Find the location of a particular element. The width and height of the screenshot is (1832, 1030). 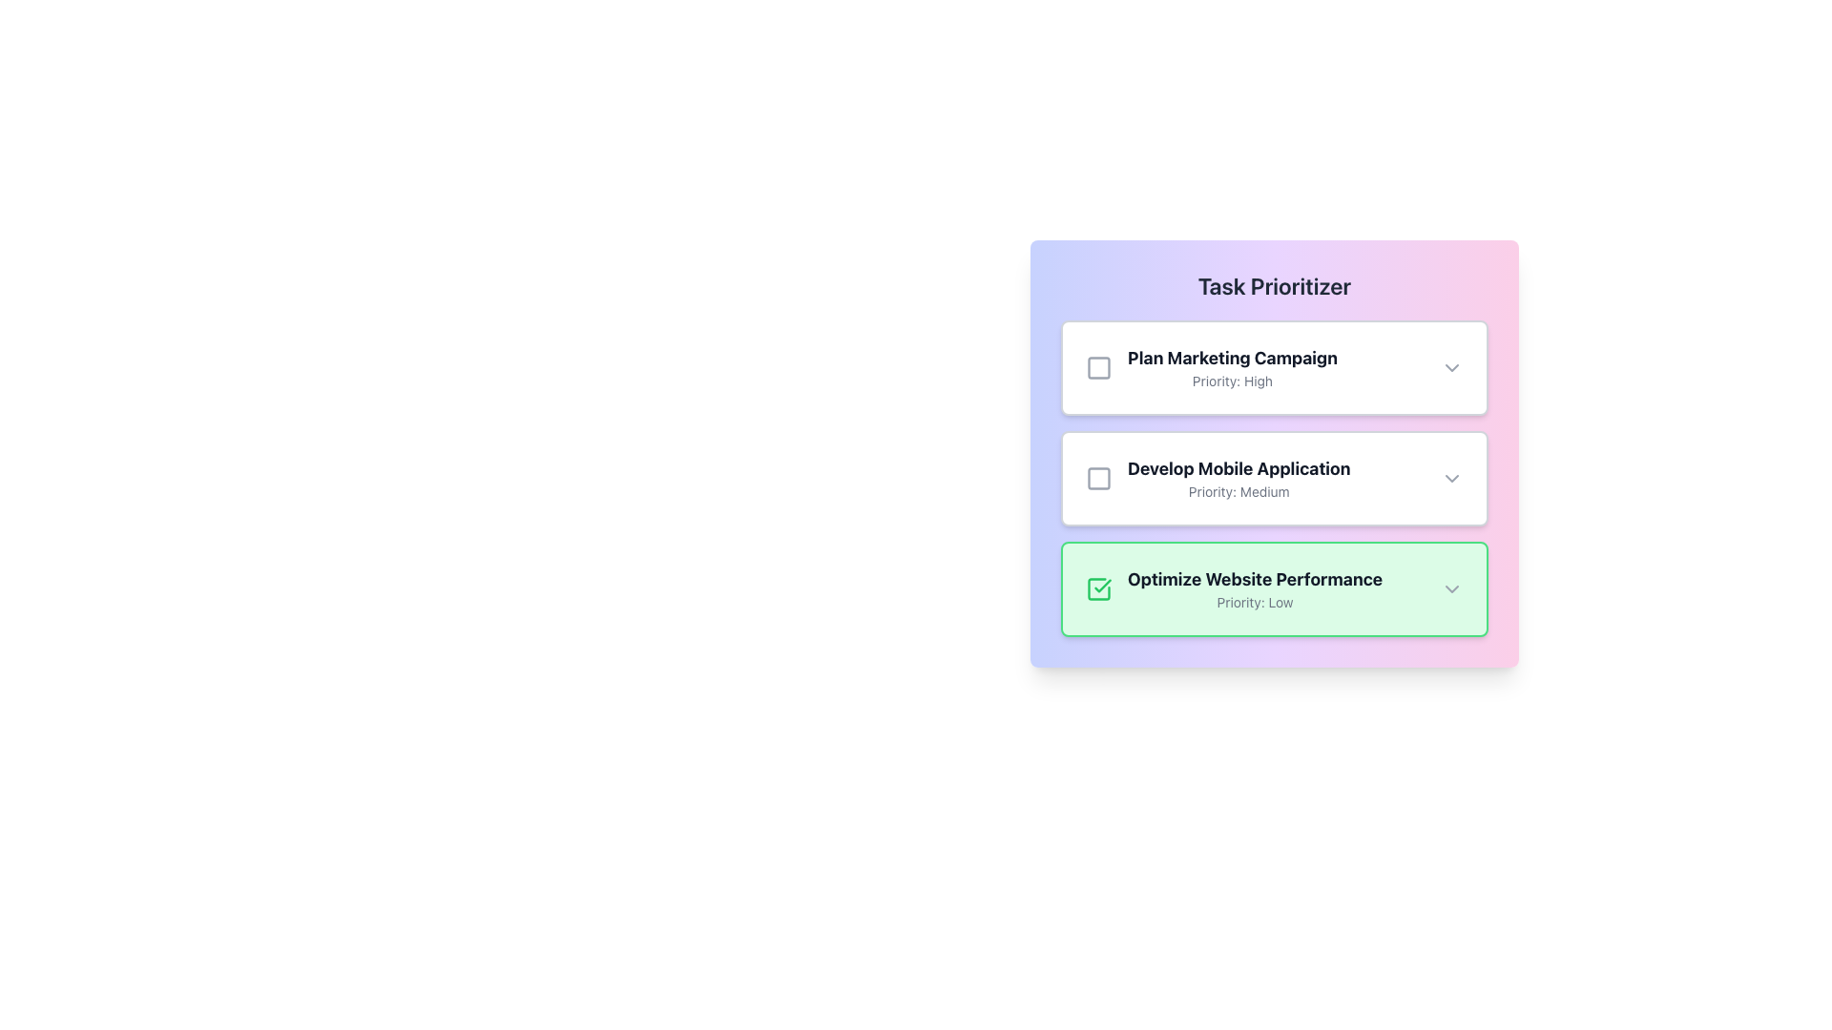

the checkbox located at the leading icon of the task card titled 'Plan Marketing Campaign' is located at coordinates (1099, 367).